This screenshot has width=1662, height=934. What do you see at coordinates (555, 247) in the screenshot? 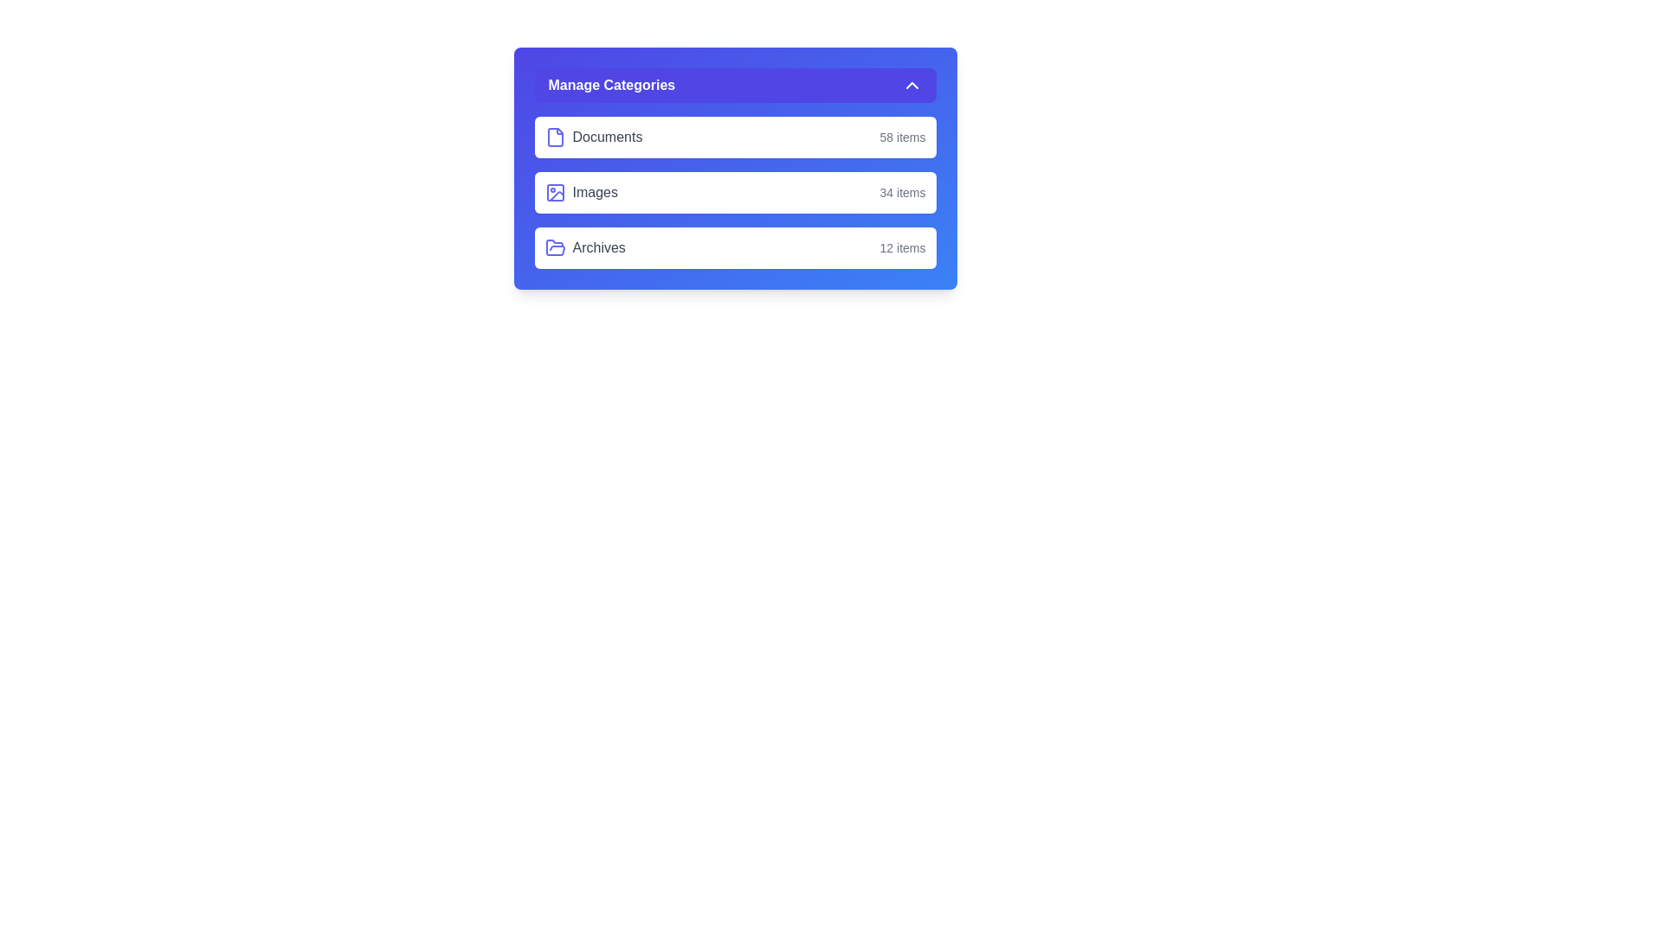
I see `the icon for the Archives category` at bounding box center [555, 247].